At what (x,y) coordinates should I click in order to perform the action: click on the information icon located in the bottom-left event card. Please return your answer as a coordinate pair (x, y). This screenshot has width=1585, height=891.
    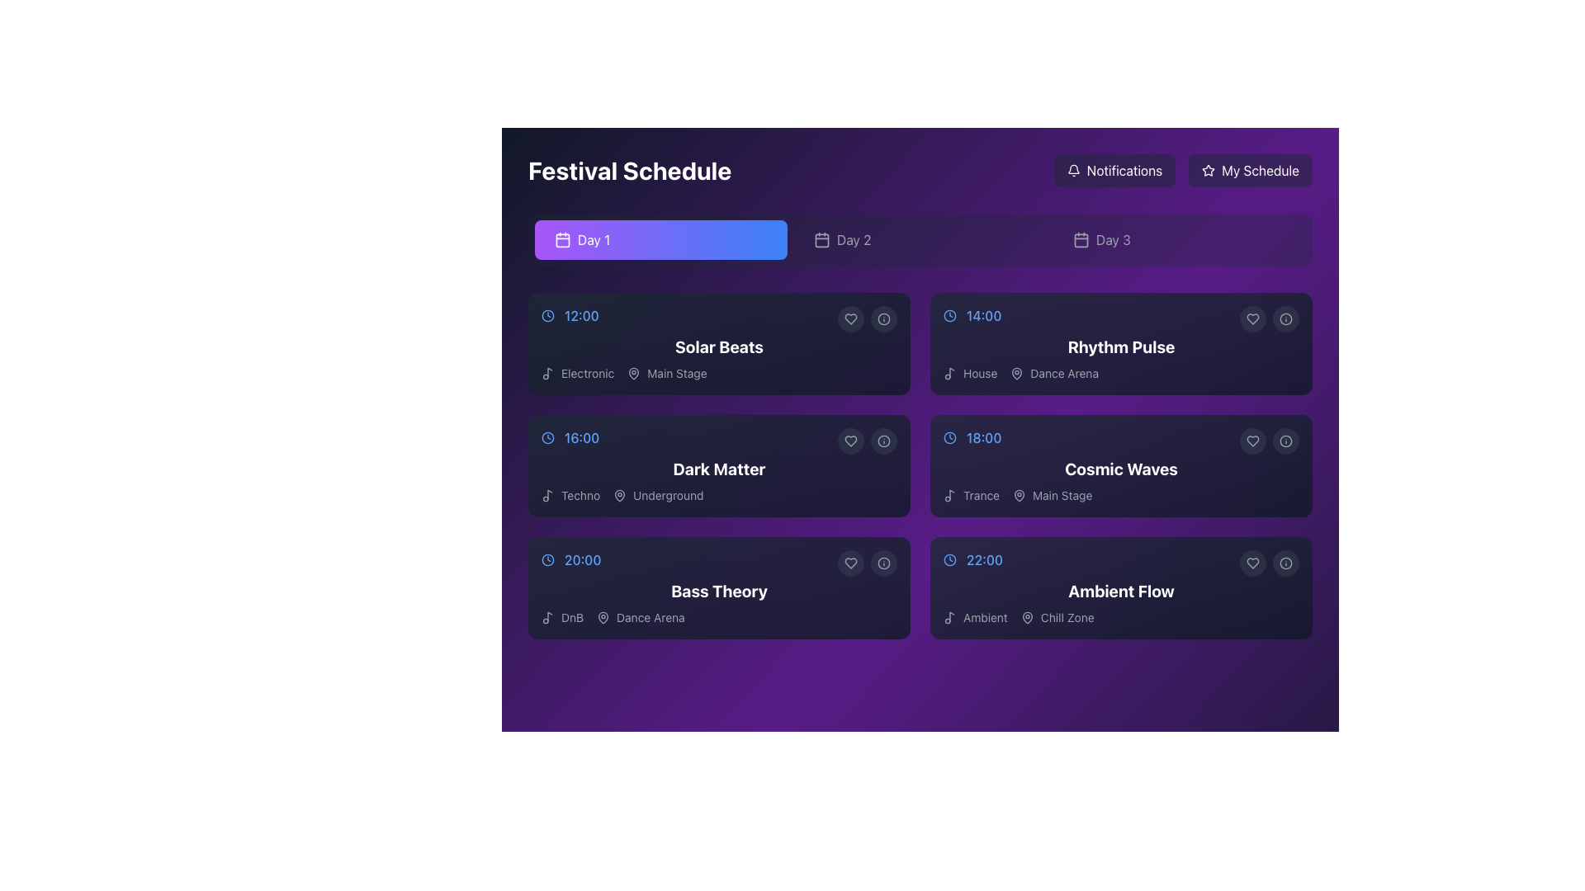
    Looking at the image, I should click on (882, 562).